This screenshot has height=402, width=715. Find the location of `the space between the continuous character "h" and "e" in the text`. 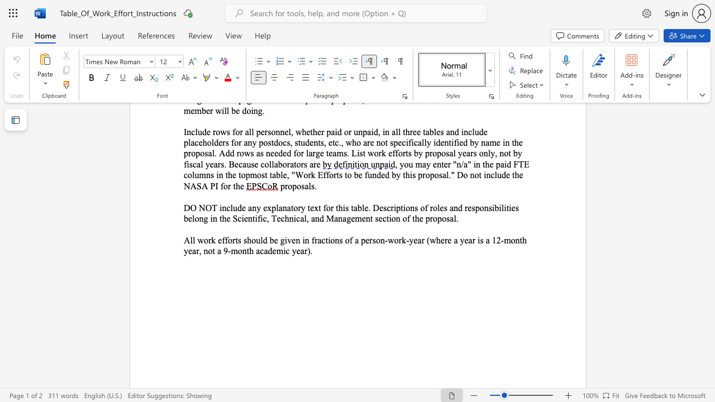

the space between the continuous character "h" and "e" in the text is located at coordinates (440, 240).